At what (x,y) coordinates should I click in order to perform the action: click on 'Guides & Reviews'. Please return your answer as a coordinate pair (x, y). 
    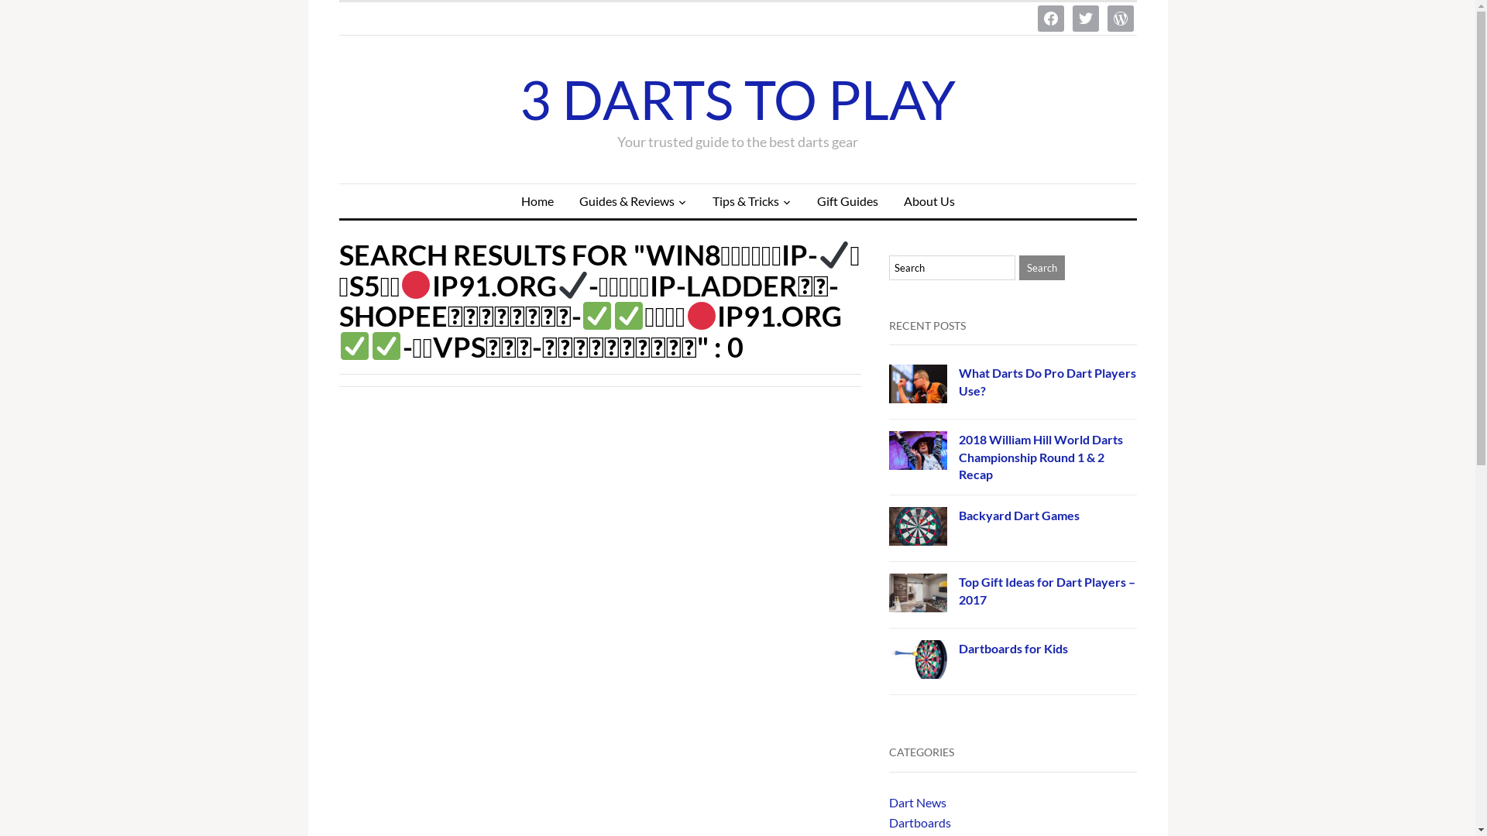
    Looking at the image, I should click on (632, 200).